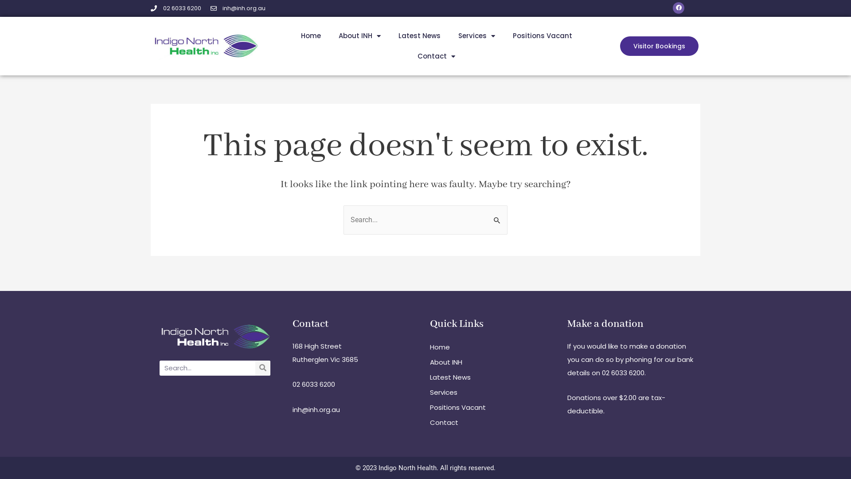 The height and width of the screenshot is (479, 851). Describe the element at coordinates (262, 368) in the screenshot. I see `'Search'` at that location.